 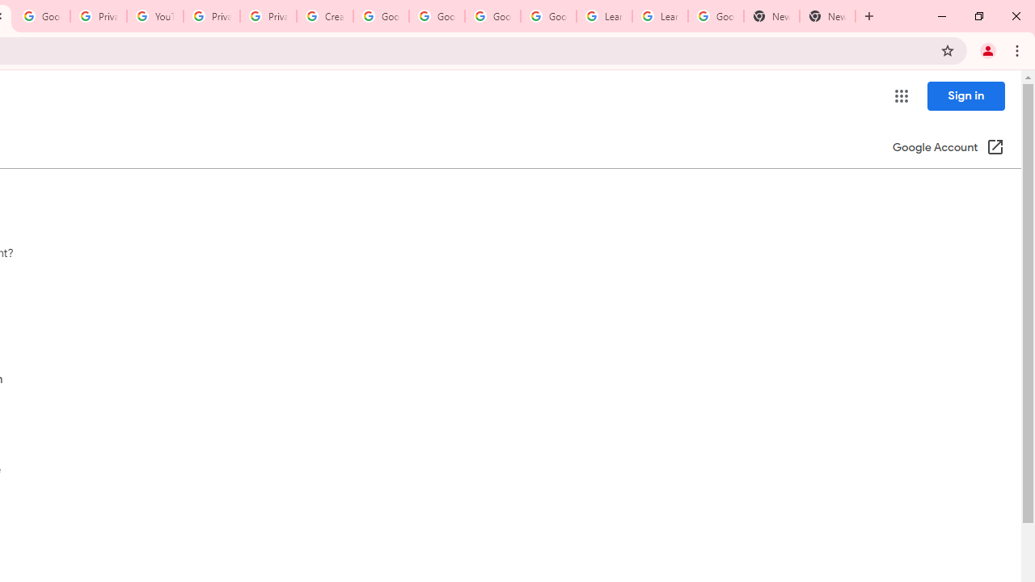 I want to click on 'Google Account (Open in a new window)', so click(x=948, y=148).